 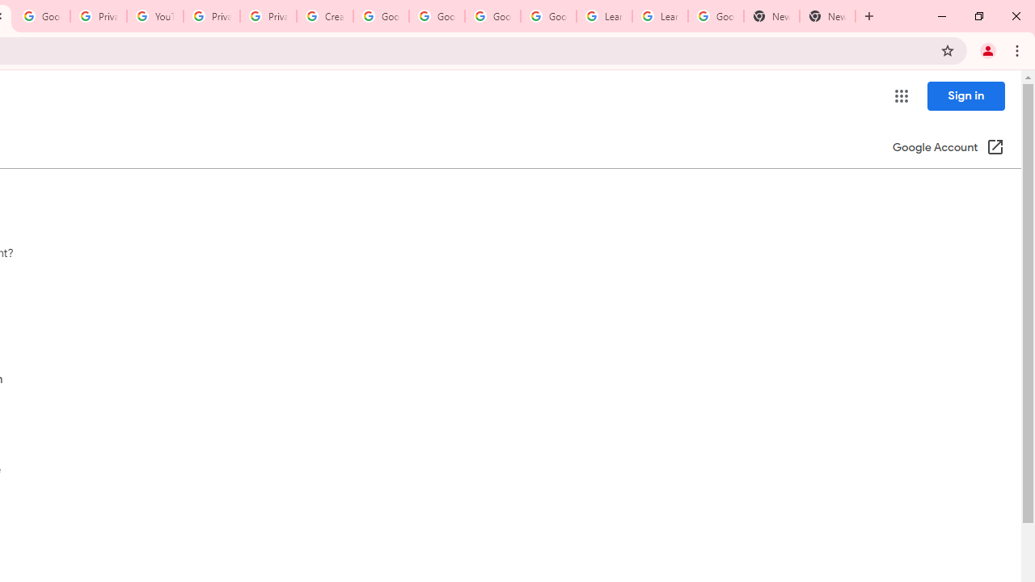 I want to click on 'Google Account (Open in a new window)', so click(x=948, y=148).